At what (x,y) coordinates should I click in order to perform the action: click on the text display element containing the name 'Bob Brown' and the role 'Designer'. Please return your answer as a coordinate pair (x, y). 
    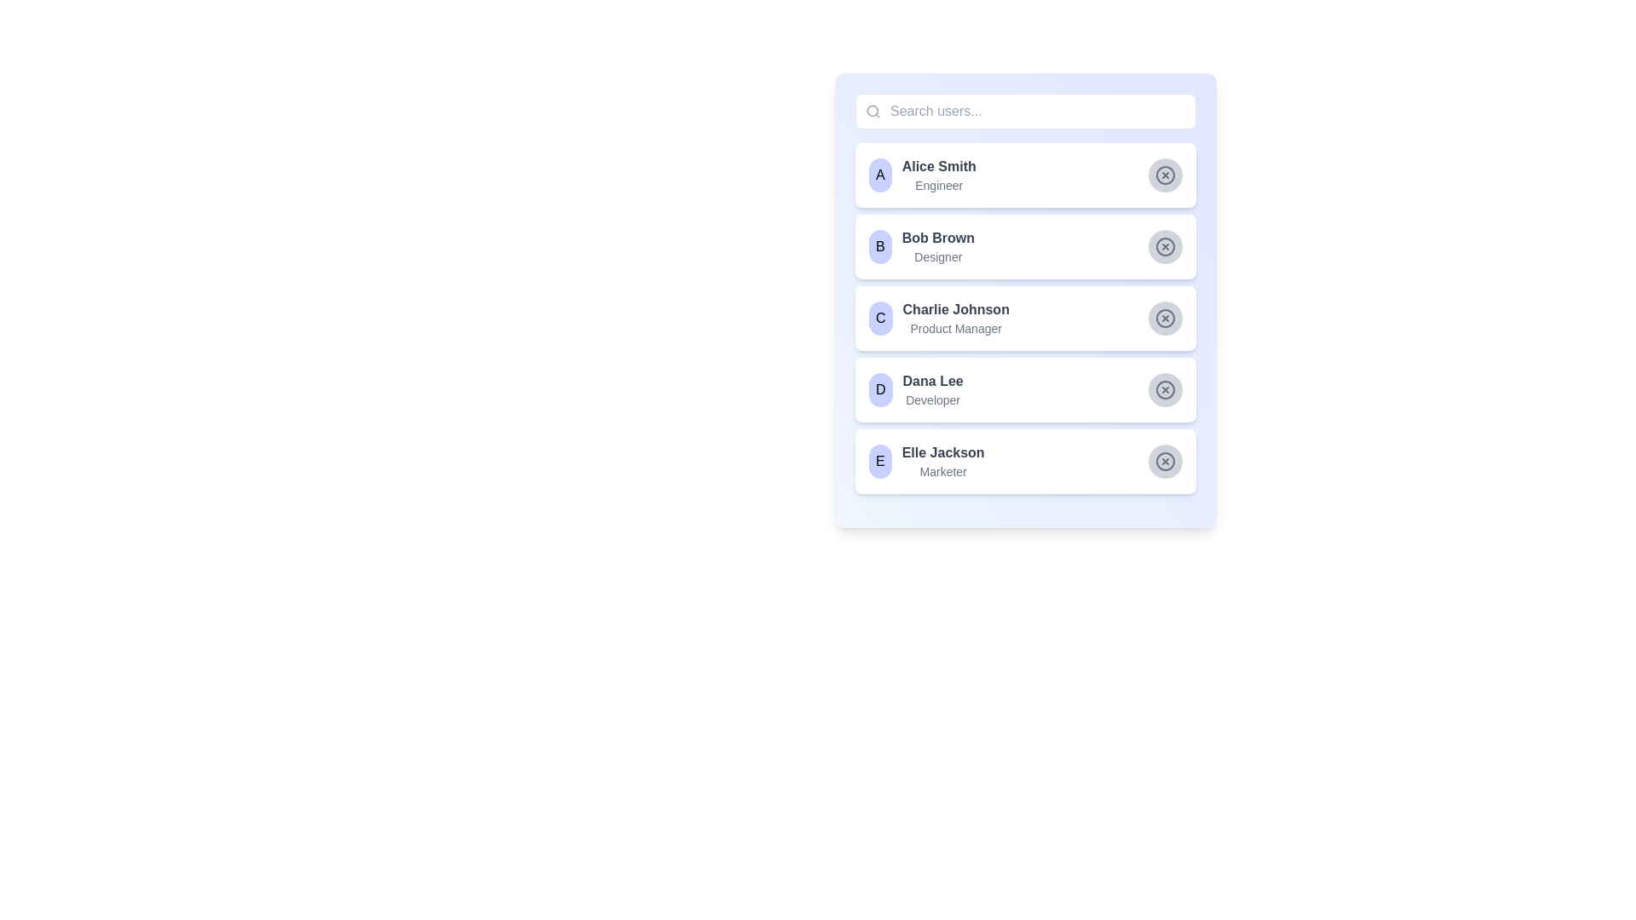
    Looking at the image, I should click on (937, 246).